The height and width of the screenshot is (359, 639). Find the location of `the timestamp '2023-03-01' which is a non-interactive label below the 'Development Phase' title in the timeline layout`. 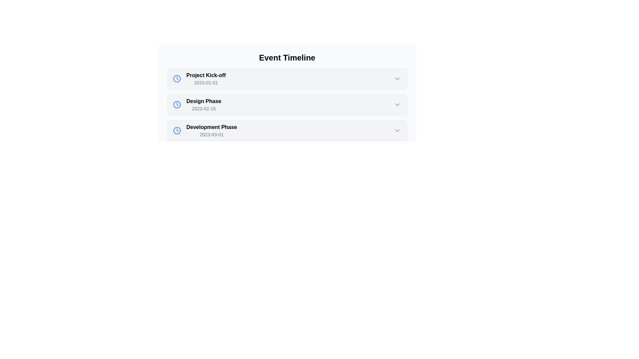

the timestamp '2023-03-01' which is a non-interactive label below the 'Development Phase' title in the timeline layout is located at coordinates (211, 135).